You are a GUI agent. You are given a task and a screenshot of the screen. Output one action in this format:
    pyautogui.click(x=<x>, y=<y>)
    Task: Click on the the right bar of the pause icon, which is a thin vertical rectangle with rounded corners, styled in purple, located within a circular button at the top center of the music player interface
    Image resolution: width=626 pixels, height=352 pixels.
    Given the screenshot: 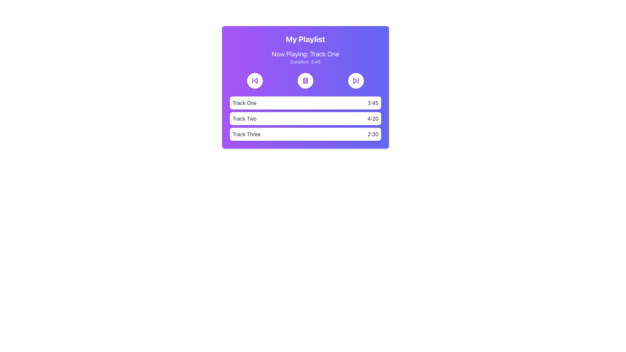 What is the action you would take?
    pyautogui.click(x=306, y=80)
    